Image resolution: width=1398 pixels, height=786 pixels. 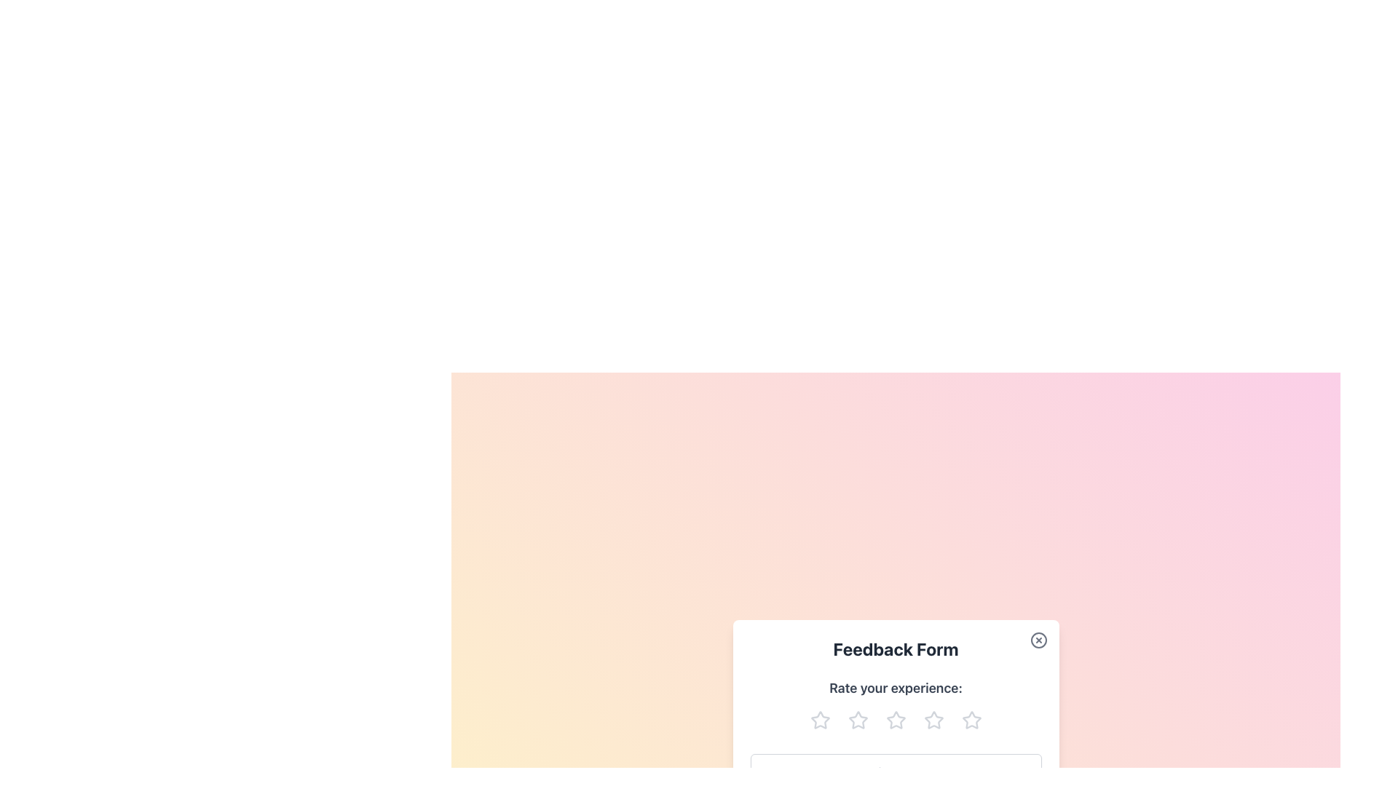 I want to click on the first interactive star icon in the rating selector to trigger the scaling effect, indicating interactivity, so click(x=820, y=720).